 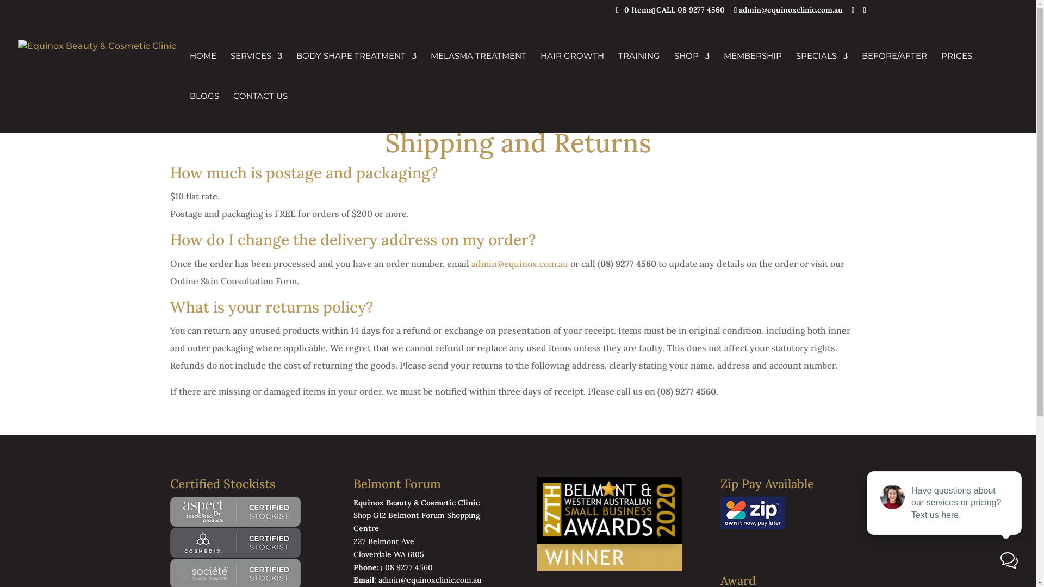 I want to click on '08 9277 4560', so click(x=381, y=567).